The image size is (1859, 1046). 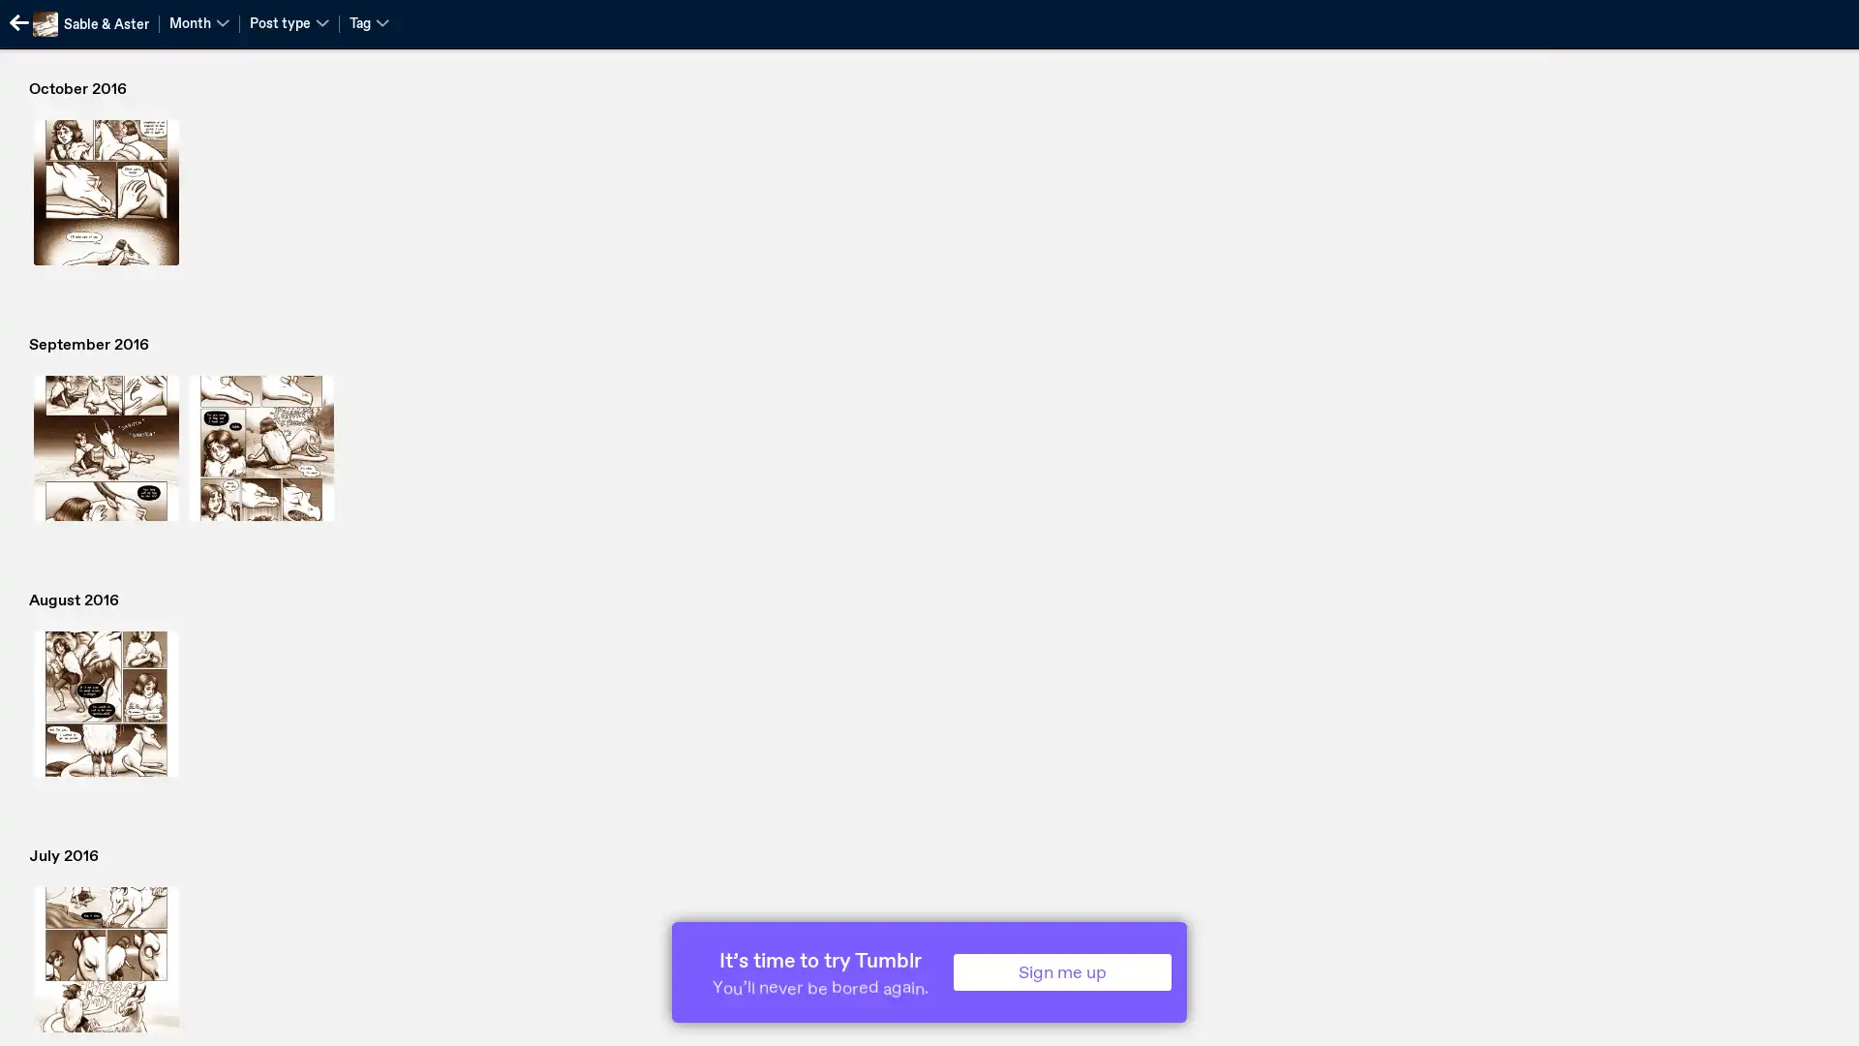 What do you see at coordinates (199, 22) in the screenshot?
I see `Month` at bounding box center [199, 22].